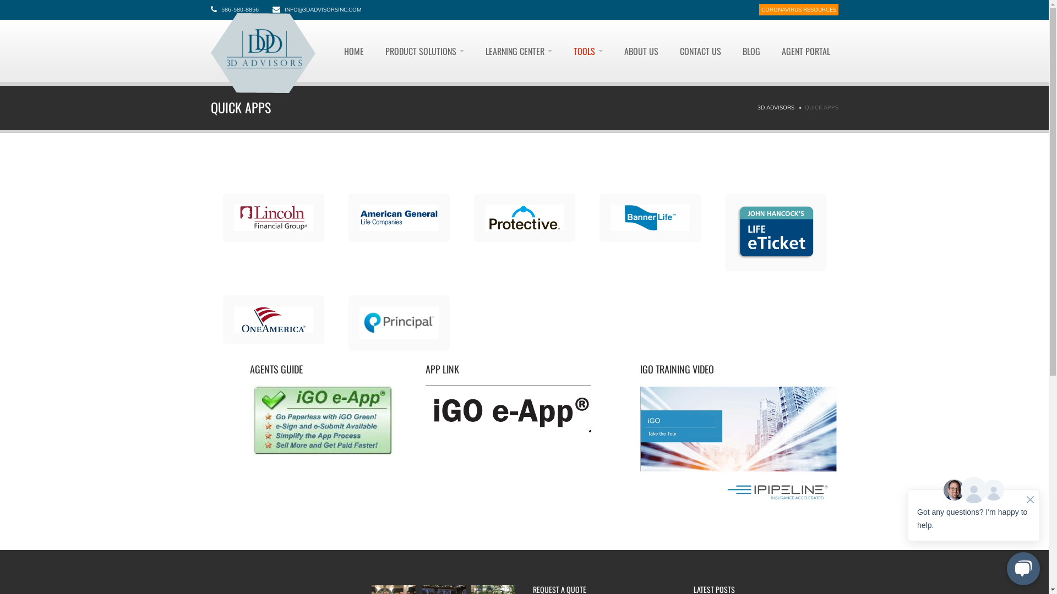  I want to click on 'INFO@3DADVISORSINC.COM', so click(322, 10).